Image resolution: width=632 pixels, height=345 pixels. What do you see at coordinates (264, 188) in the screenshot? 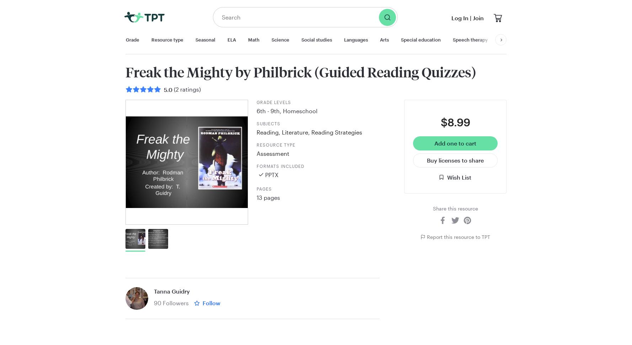
I see `'Pages'` at bounding box center [264, 188].